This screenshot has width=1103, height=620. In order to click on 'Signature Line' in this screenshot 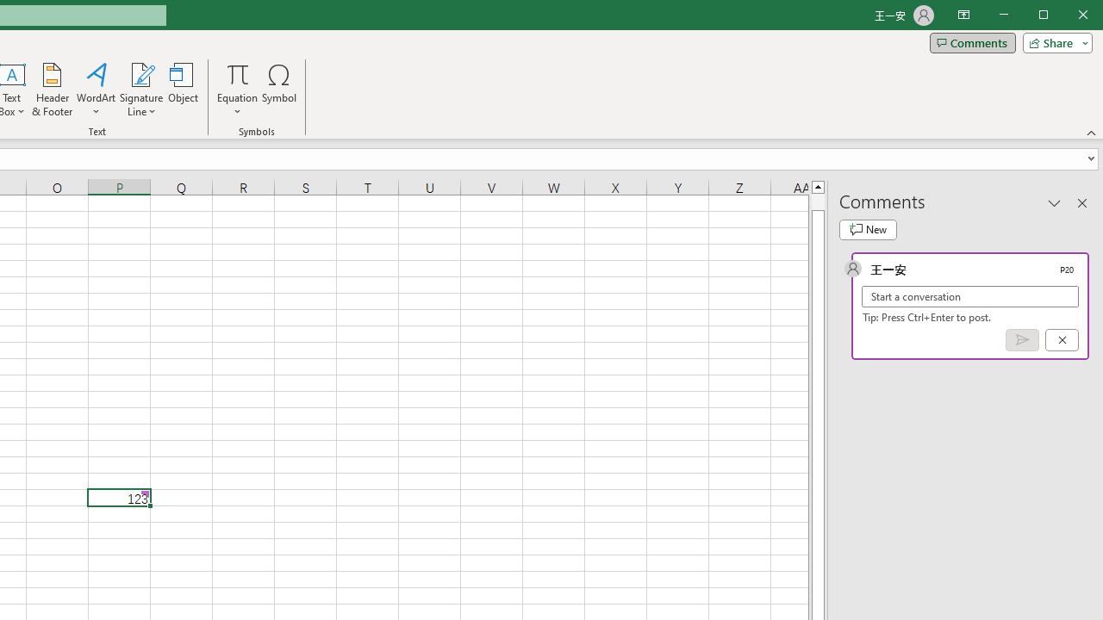, I will do `click(141, 90)`.